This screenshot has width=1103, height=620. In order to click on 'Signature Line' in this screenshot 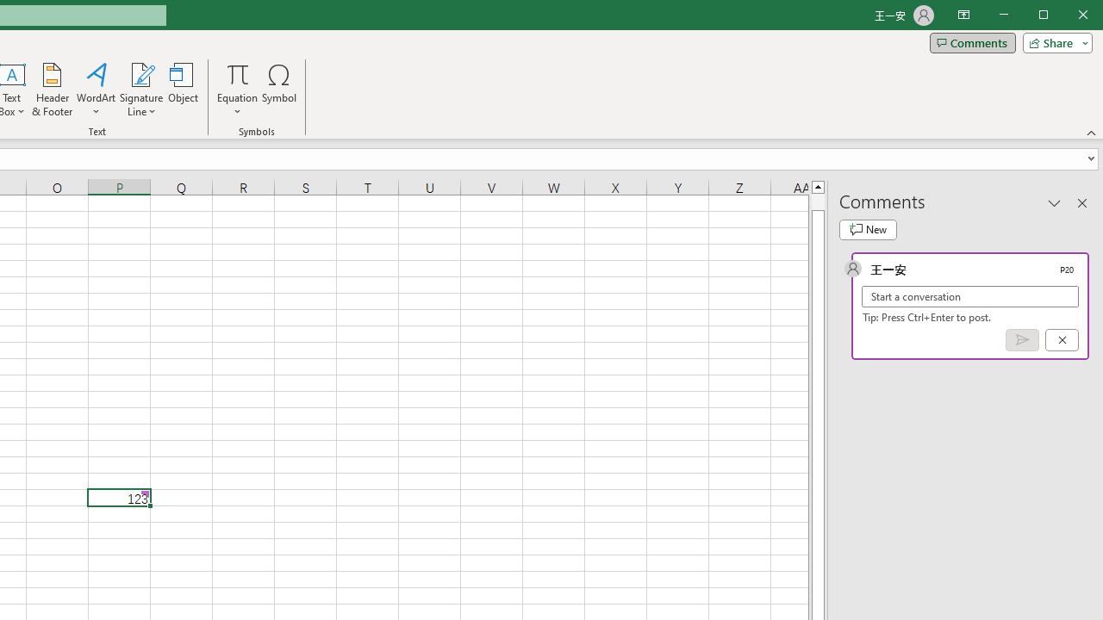, I will do `click(141, 90)`.